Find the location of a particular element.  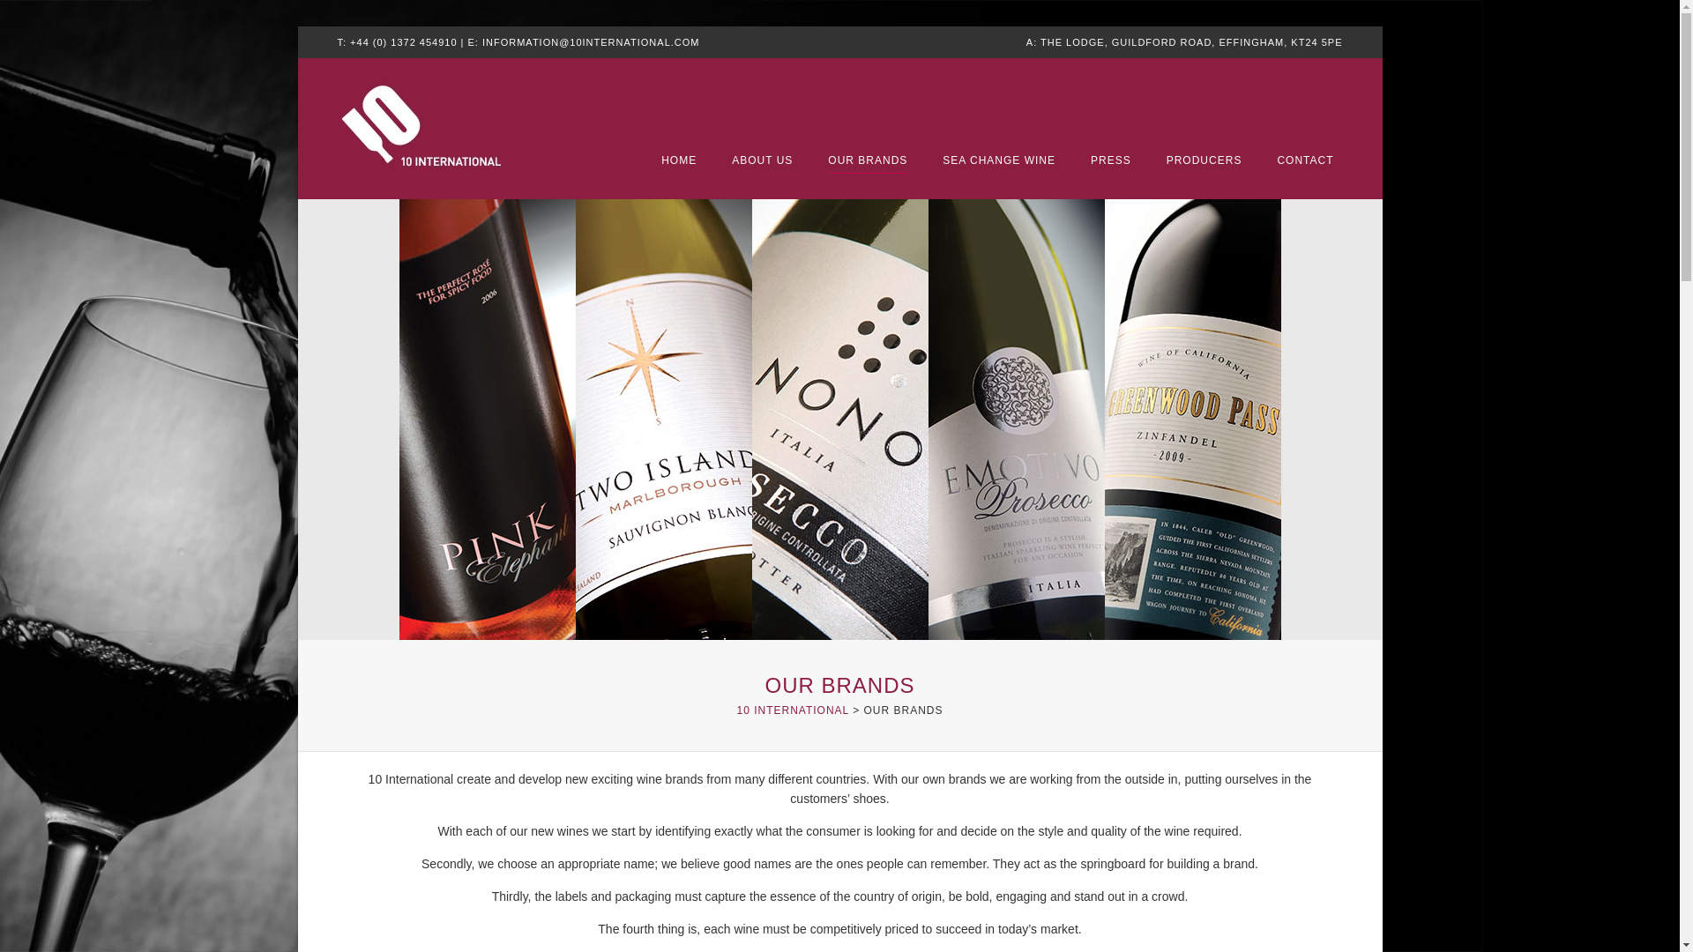

'HOME' is located at coordinates (677, 160).